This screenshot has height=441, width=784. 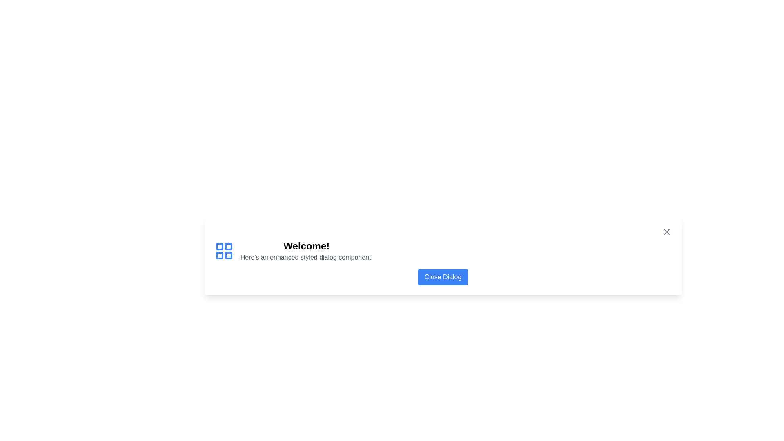 What do you see at coordinates (667, 232) in the screenshot?
I see `the close icon button located at the top right corner of the dialog` at bounding box center [667, 232].